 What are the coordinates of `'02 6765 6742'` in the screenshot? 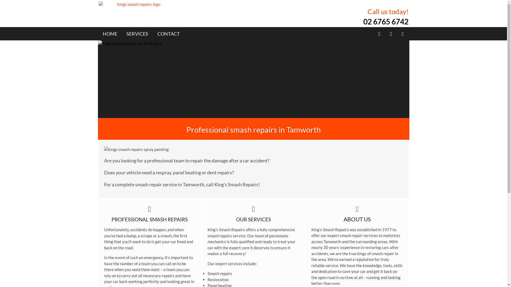 It's located at (362, 21).